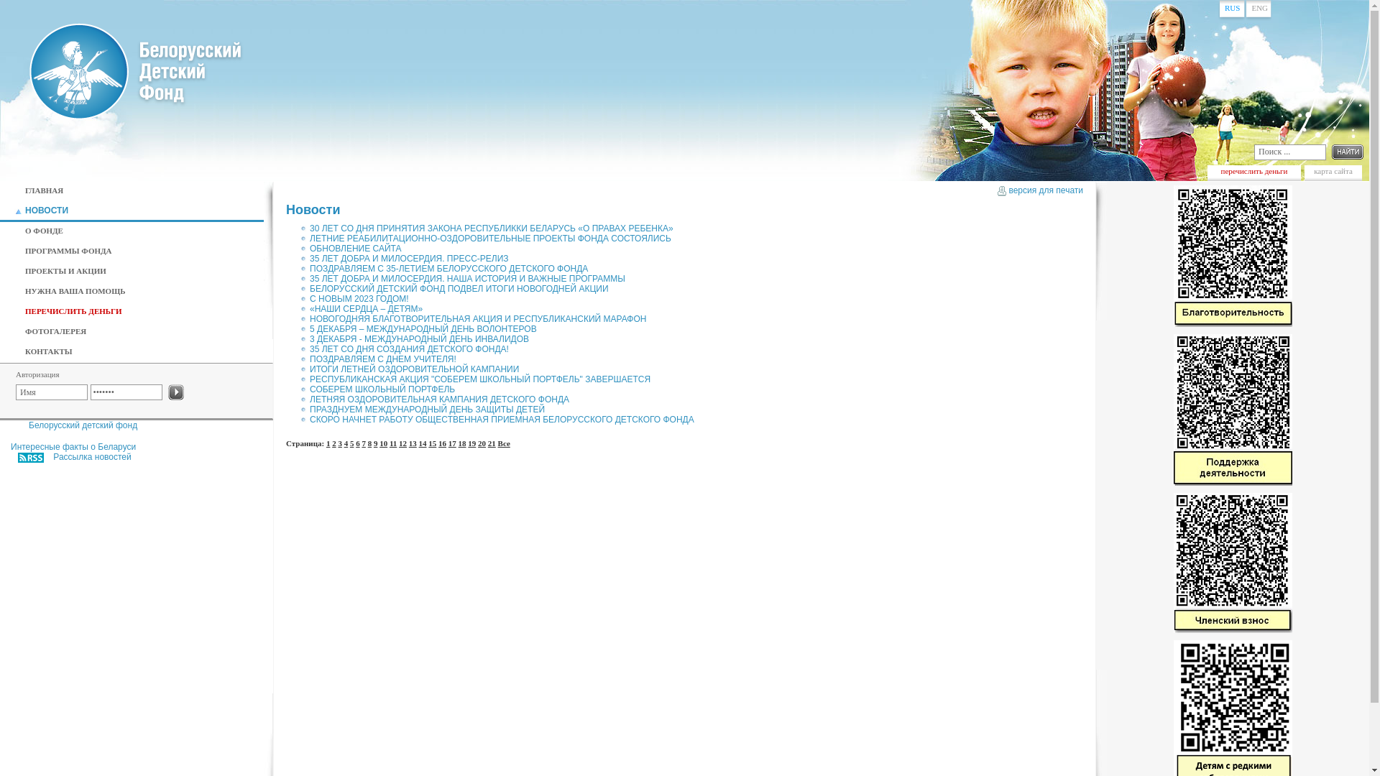 This screenshot has height=776, width=1380. I want to click on '21', so click(492, 439).